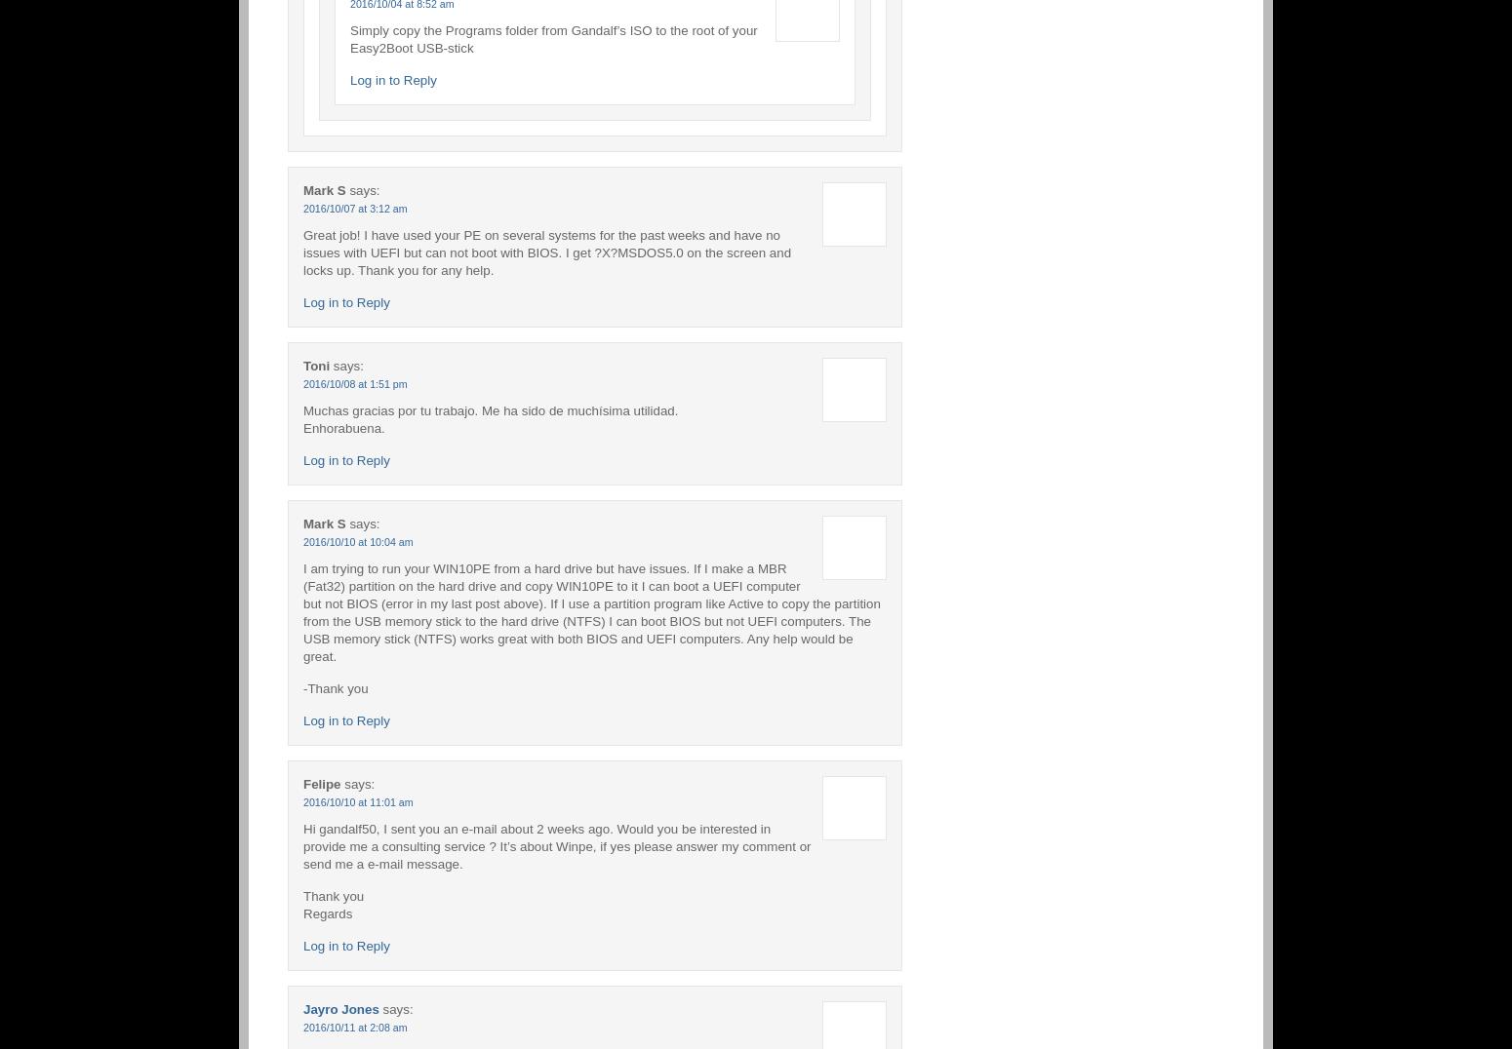 Image resolution: width=1512 pixels, height=1049 pixels. What do you see at coordinates (357, 540) in the screenshot?
I see `'2016/10/10 at 10:04 am'` at bounding box center [357, 540].